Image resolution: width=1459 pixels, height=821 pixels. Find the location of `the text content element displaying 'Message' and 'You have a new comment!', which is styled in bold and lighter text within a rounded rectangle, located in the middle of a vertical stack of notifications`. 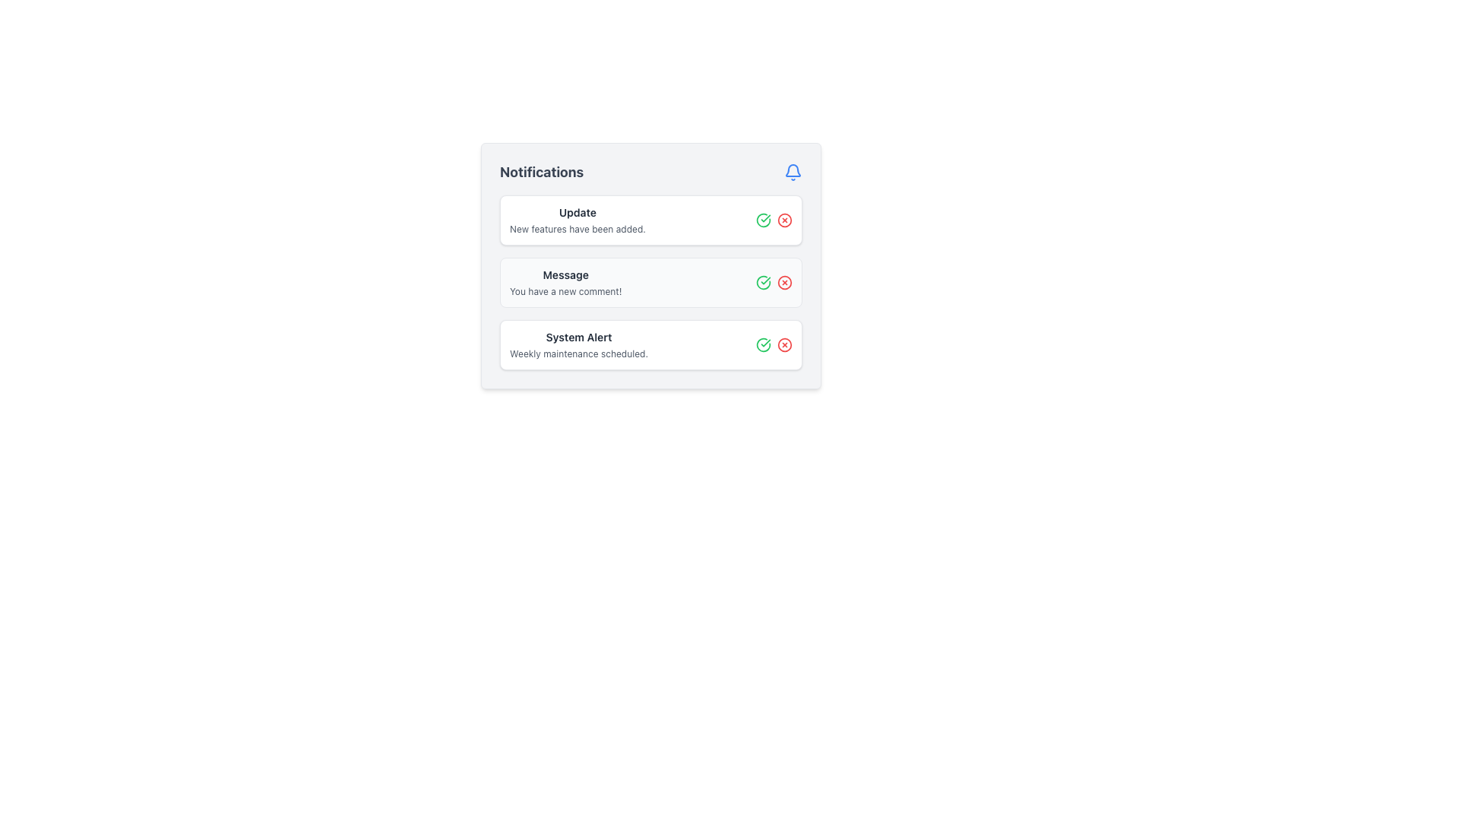

the text content element displaying 'Message' and 'You have a new comment!', which is styled in bold and lighter text within a rounded rectangle, located in the middle of a vertical stack of notifications is located at coordinates (565, 282).